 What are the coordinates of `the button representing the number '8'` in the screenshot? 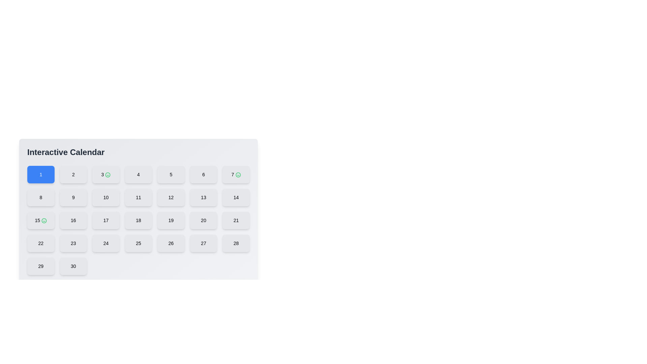 It's located at (40, 197).